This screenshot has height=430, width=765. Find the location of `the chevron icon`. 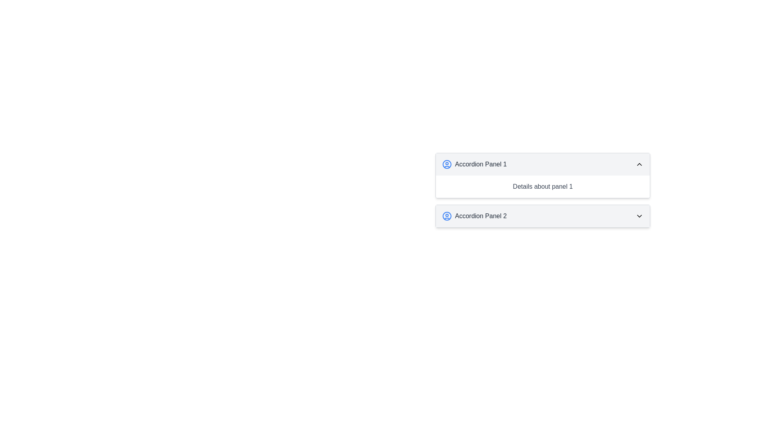

the chevron icon is located at coordinates (639, 216).